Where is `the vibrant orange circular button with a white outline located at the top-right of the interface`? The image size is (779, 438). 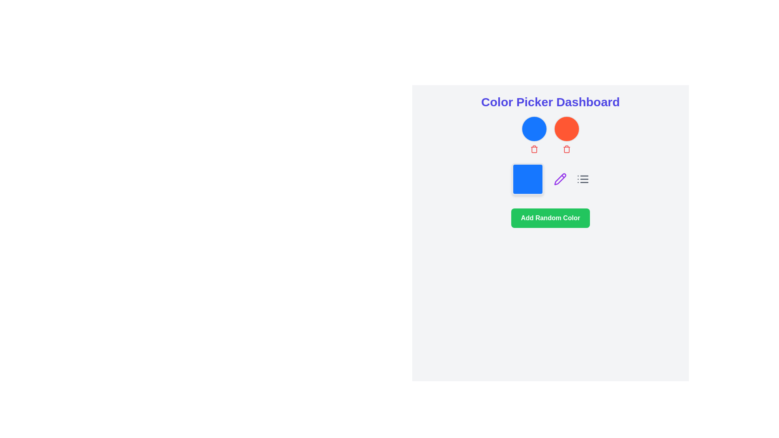 the vibrant orange circular button with a white outline located at the top-right of the interface is located at coordinates (566, 128).